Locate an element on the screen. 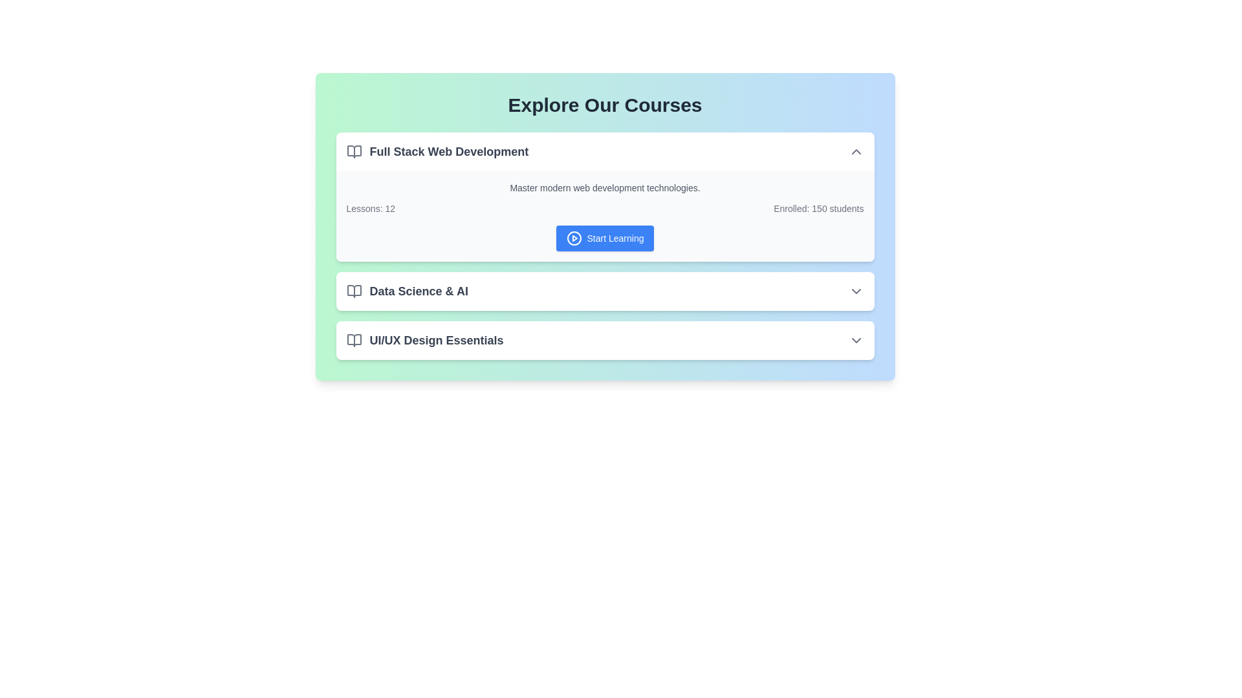 Image resolution: width=1242 pixels, height=698 pixels. the button located in the 'Full Stack Web Development' section is located at coordinates (604, 238).